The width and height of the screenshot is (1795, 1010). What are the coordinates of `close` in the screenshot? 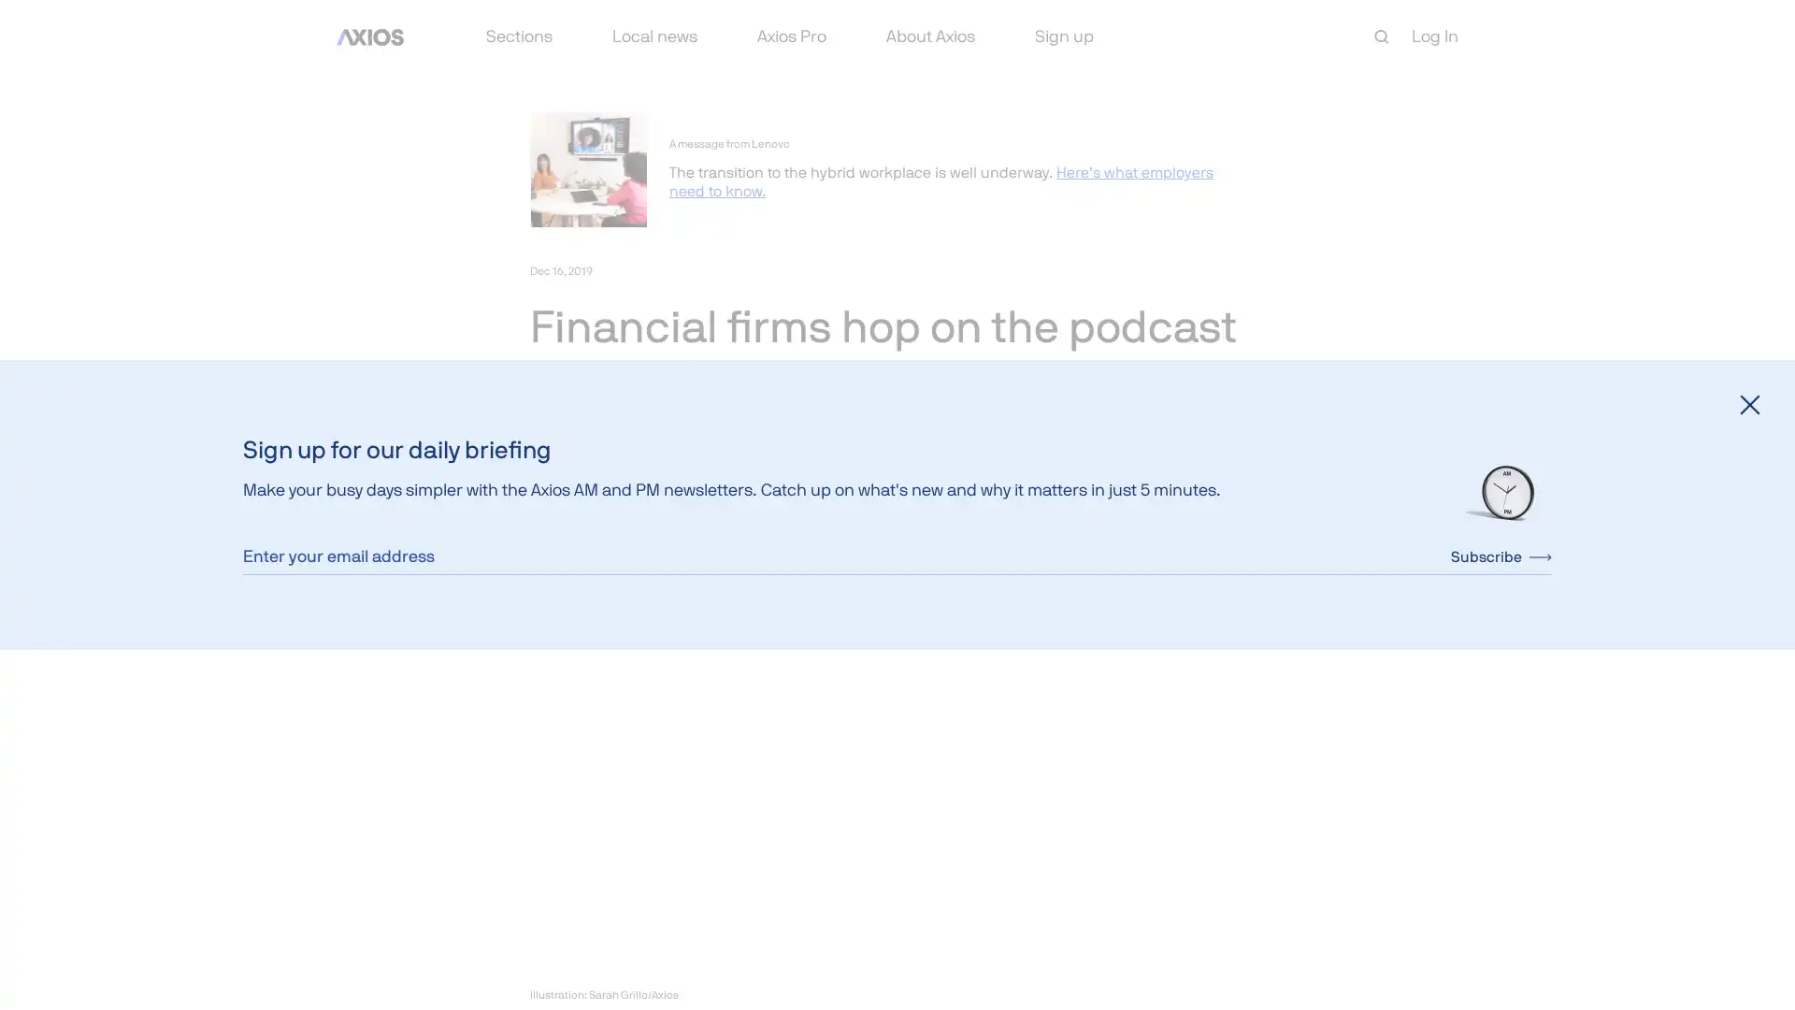 It's located at (1749, 403).